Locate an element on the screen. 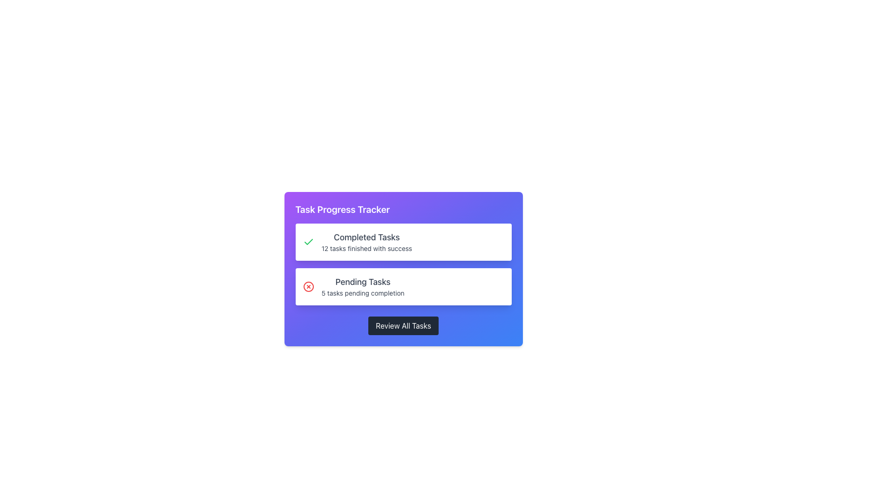  the alert icon located within the 'Pending Tasks' card, positioned to the left of the text 'Pending Tasks' is located at coordinates (308, 286).